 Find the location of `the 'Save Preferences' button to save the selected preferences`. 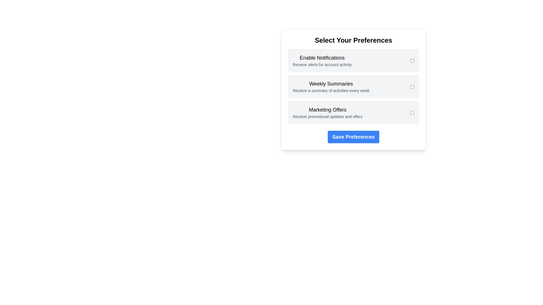

the 'Save Preferences' button to save the selected preferences is located at coordinates (353, 137).